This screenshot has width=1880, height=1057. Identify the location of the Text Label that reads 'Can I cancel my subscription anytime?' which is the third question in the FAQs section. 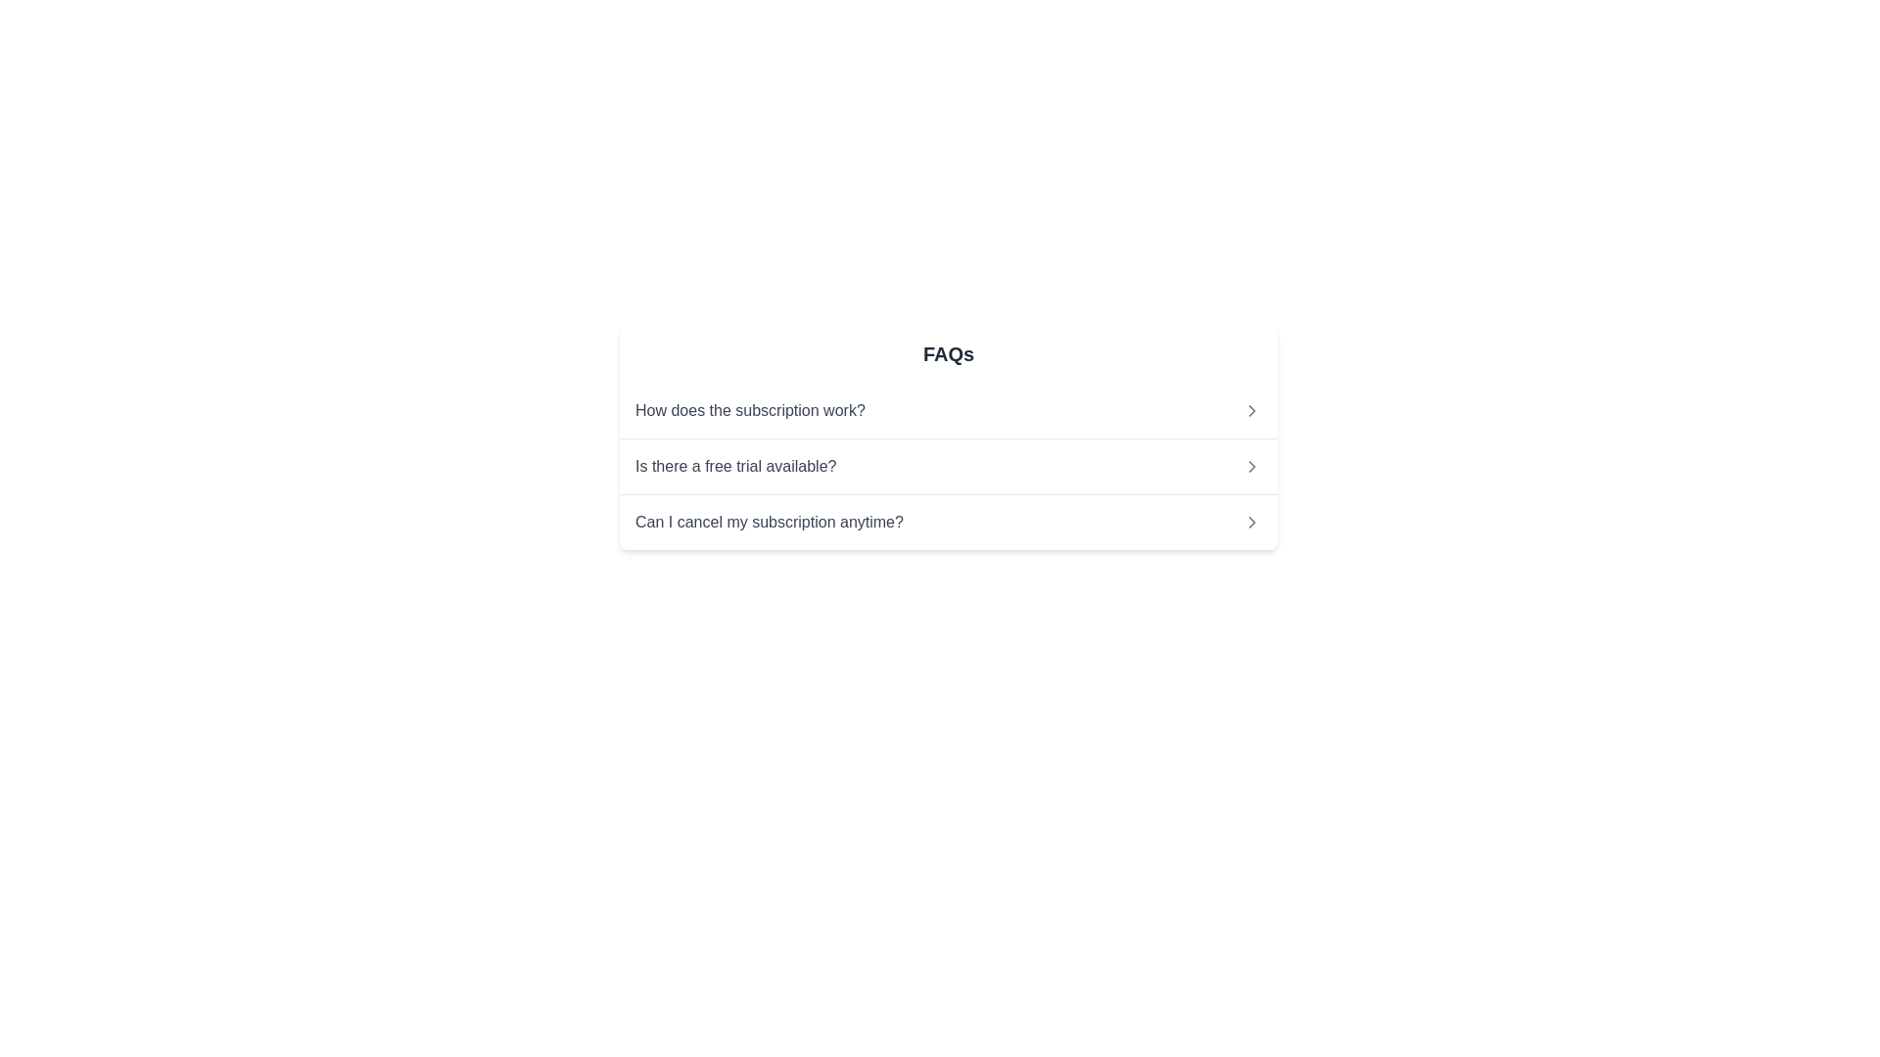
(768, 521).